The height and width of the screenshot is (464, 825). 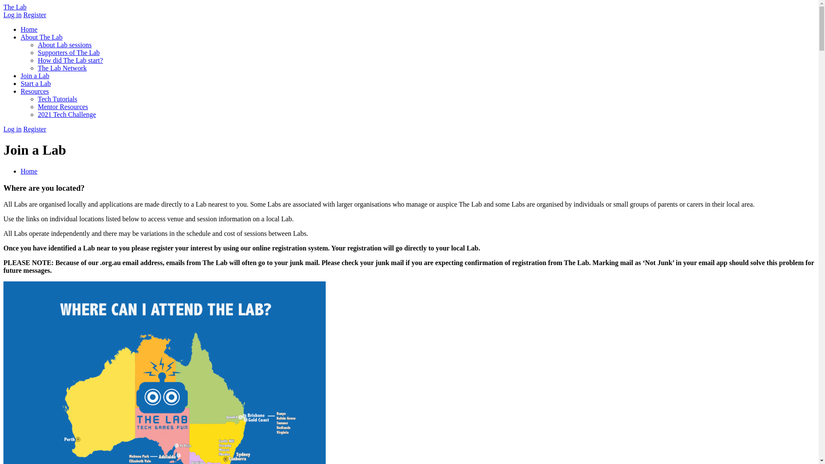 I want to click on 'About Lab sessions', so click(x=37, y=45).